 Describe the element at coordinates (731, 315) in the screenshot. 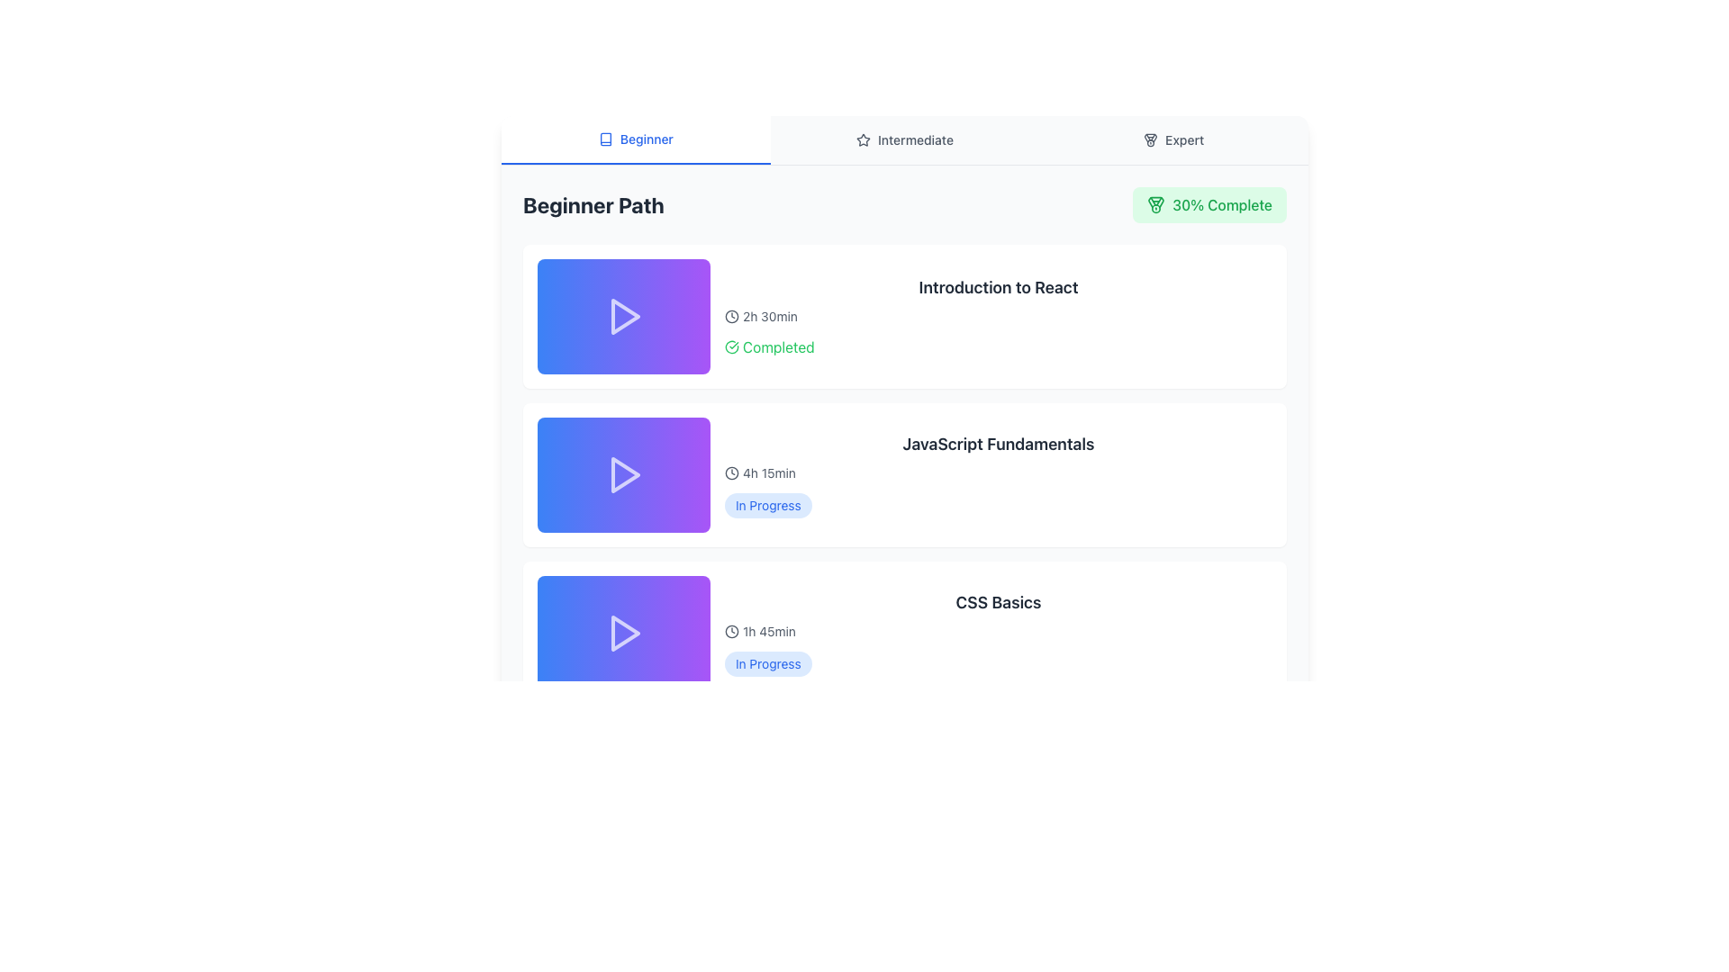

I see `the circular vector graphic of the clock icon that is part of the first course's time duration indication` at that location.